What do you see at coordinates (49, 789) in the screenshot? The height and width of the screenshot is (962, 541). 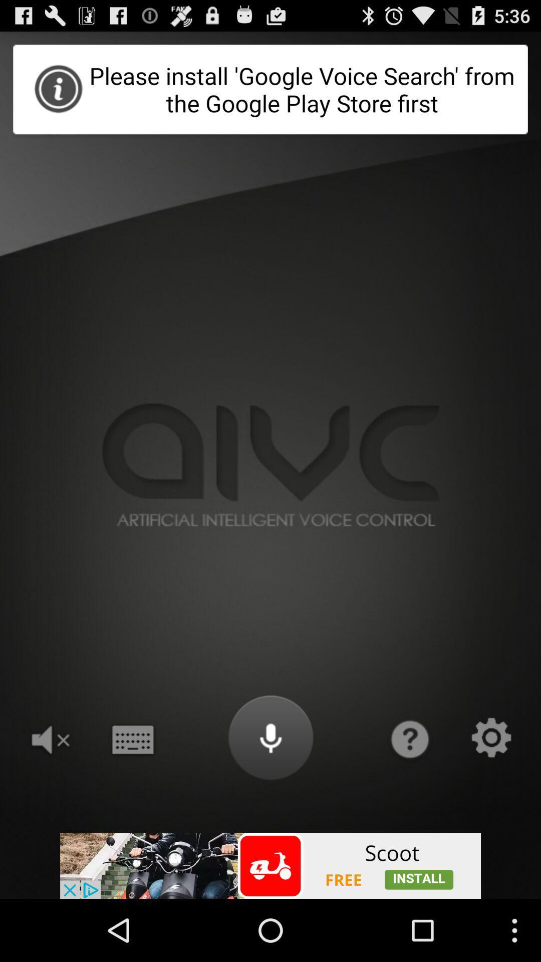 I see `the volume icon` at bounding box center [49, 789].